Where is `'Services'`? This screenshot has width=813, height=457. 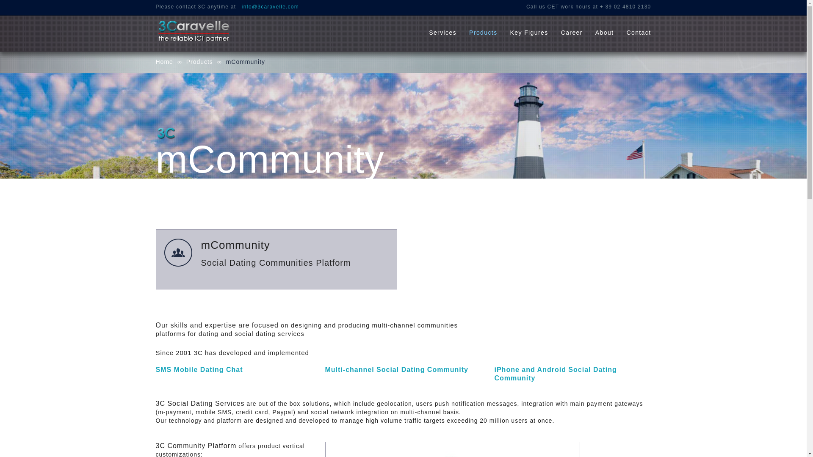
'Services' is located at coordinates (442, 32).